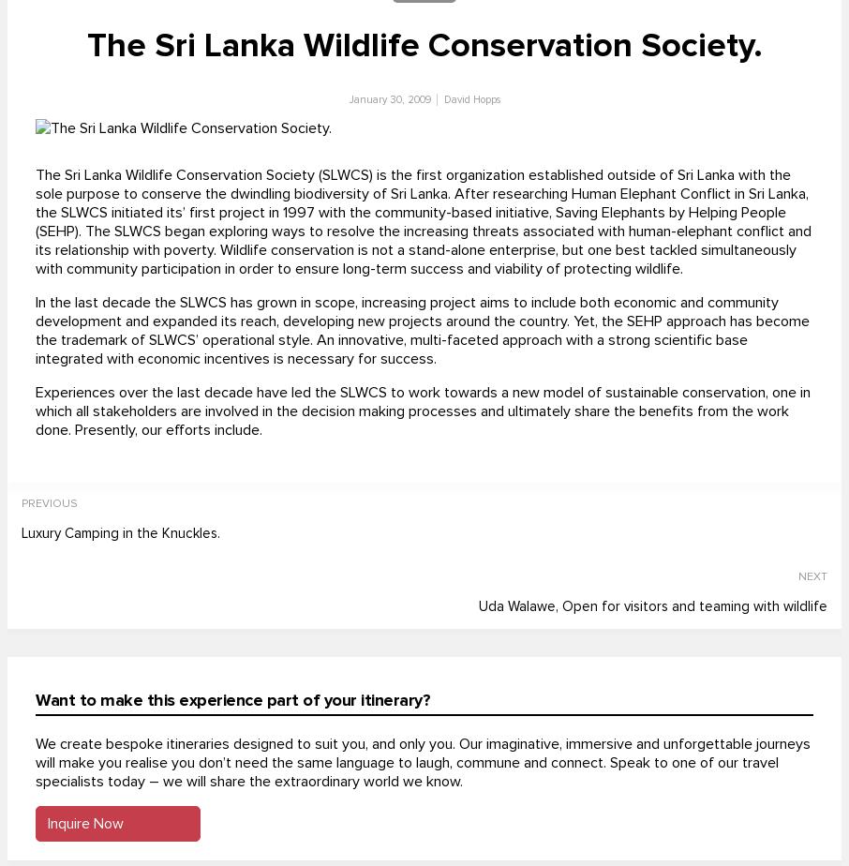 This screenshot has height=866, width=849. I want to click on 'Uda Walawe, Open for visitors and teaming with wildlife', so click(652, 605).